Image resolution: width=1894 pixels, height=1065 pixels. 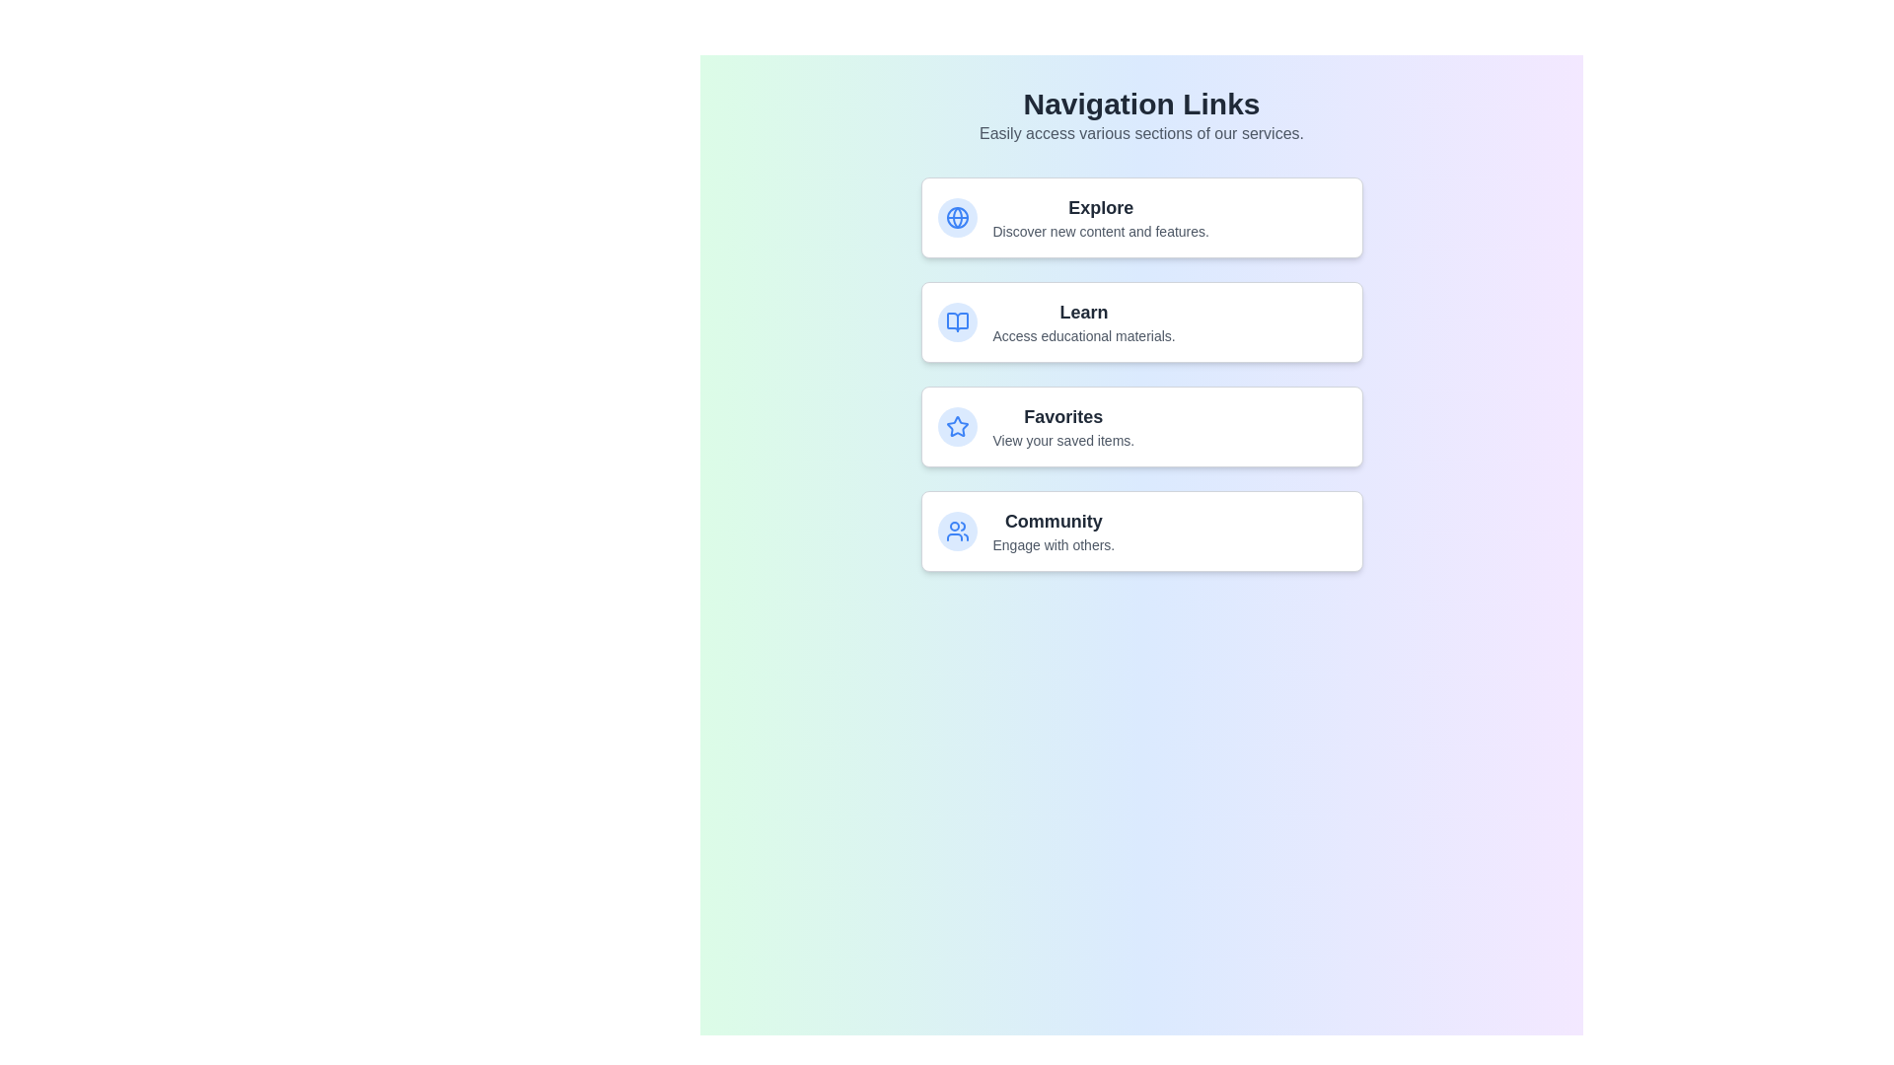 I want to click on the 'Learn' button which is represented by an icon located in the second position of a vertical stack of four navigation buttons, so click(x=957, y=321).